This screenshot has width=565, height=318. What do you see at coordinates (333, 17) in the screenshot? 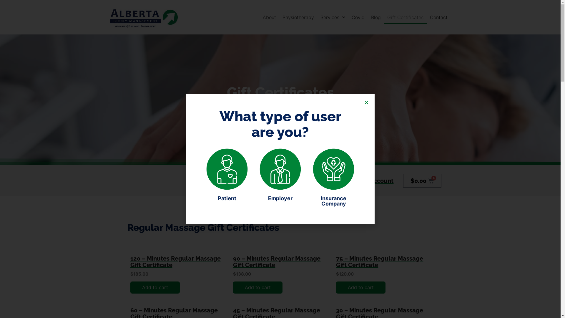
I see `'Services'` at bounding box center [333, 17].